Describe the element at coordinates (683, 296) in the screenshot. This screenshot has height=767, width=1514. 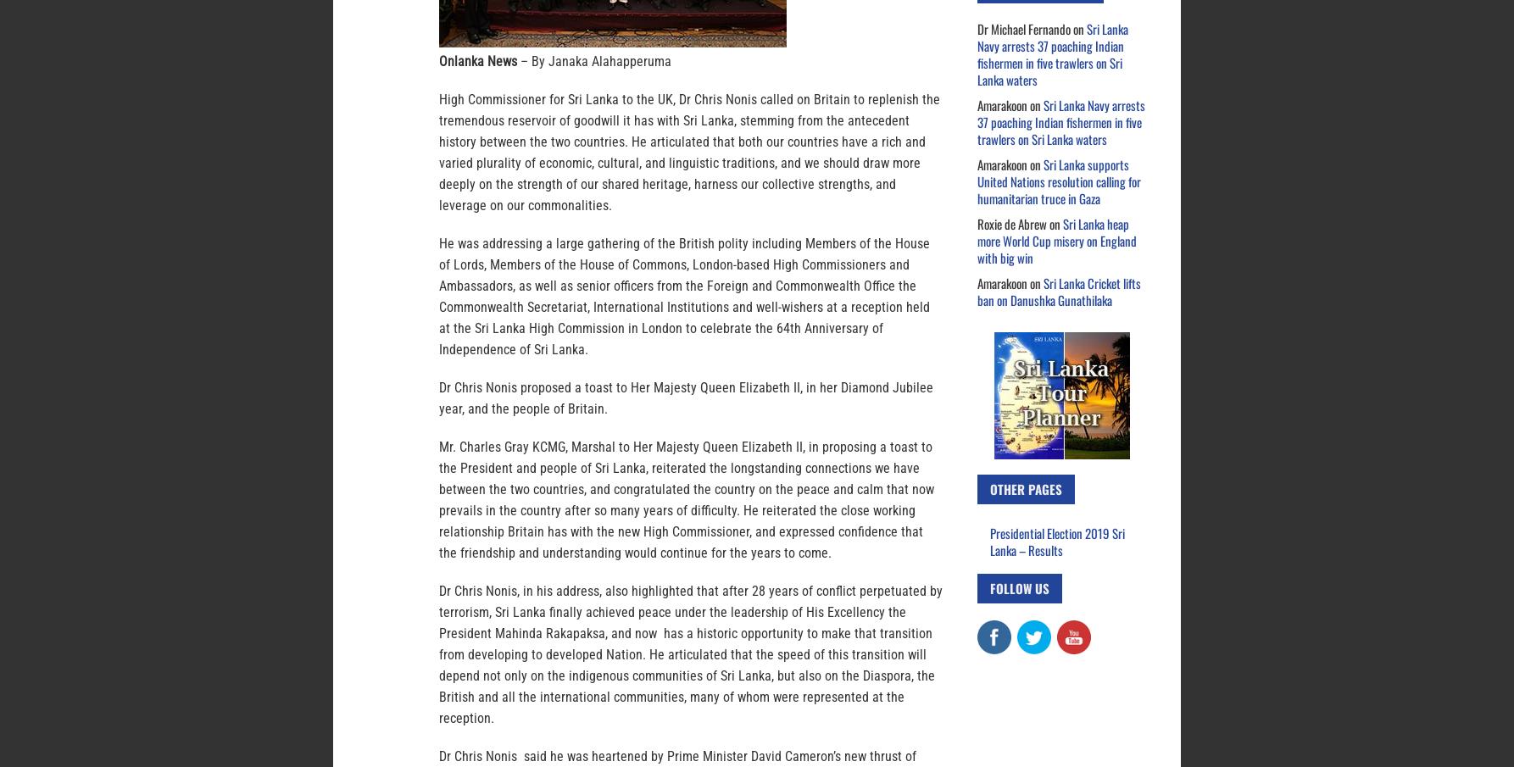
I see `'He was addressing a large gathering of the British polity including Members of the House of Lords, Members of the House of Commons, London-based High Commissioners and Ambassadors, as well as senior officers from the Foreign and Commonwealth Office the Commonwealth Secretariat, International Institutions and well-wishers at a reception held at the Sri Lanka High Commission in London to celebrate the 64th Anniversary of Independence of Sri Lanka.'` at that location.